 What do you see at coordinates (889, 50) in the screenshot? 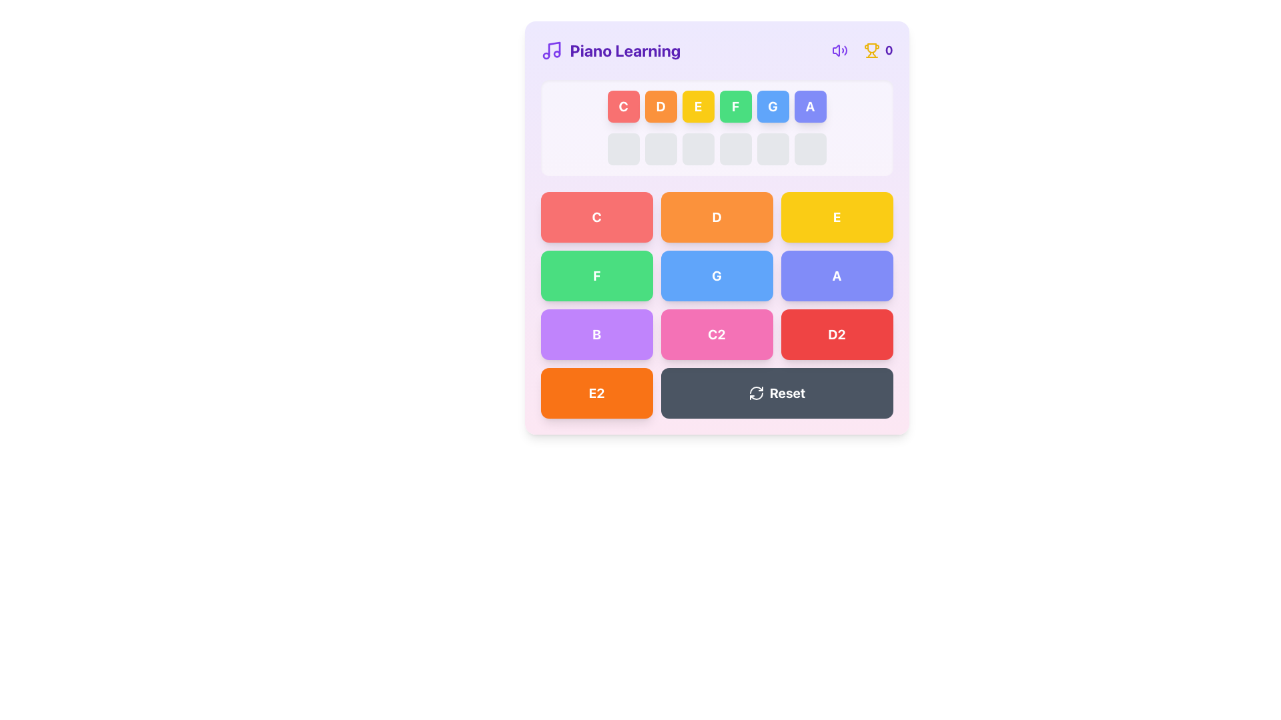
I see `the bold, violet-colored text displaying the character '0' located at the top-right corner of the interface, adjacent to a trophy icon` at bounding box center [889, 50].